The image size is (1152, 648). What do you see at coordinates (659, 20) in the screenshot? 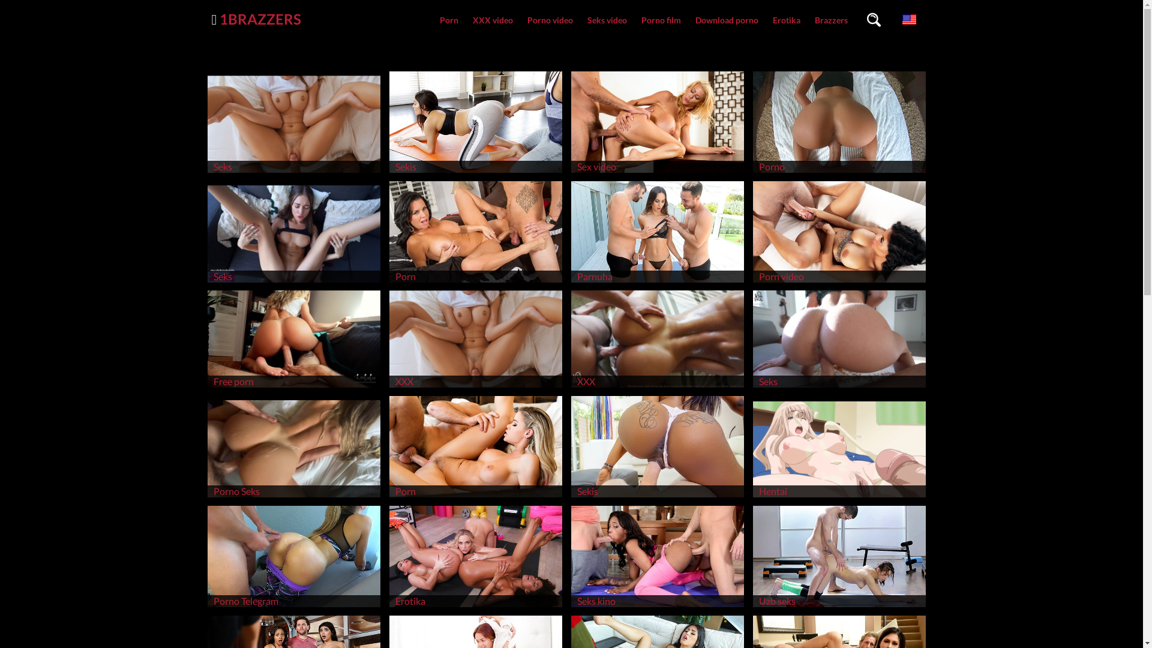
I see `'Porno film'` at bounding box center [659, 20].